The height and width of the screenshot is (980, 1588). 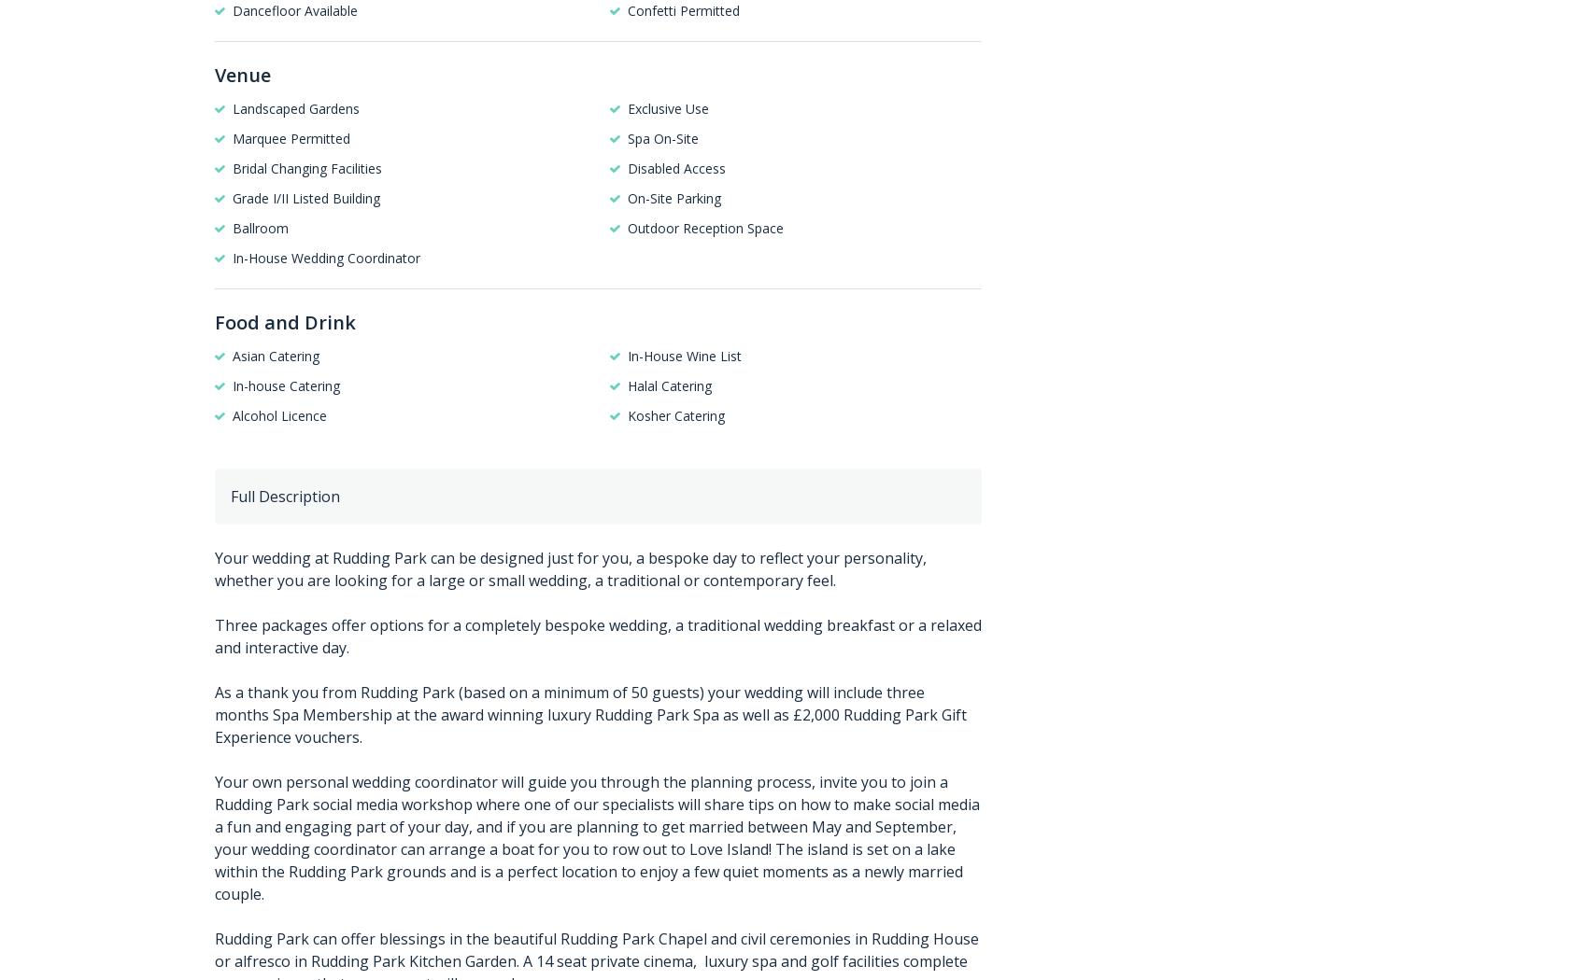 I want to click on 'Kosher Catering', so click(x=675, y=413).